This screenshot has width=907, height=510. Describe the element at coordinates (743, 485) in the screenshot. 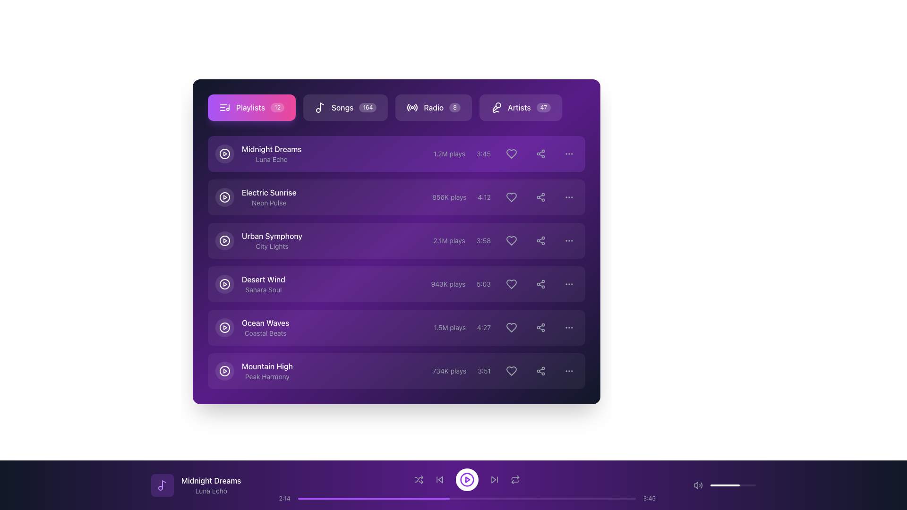

I see `the volume level` at that location.